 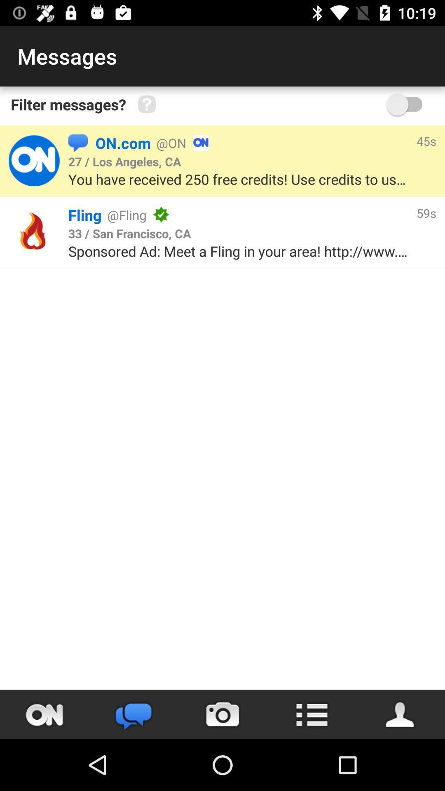 What do you see at coordinates (33, 161) in the screenshot?
I see `message selection` at bounding box center [33, 161].